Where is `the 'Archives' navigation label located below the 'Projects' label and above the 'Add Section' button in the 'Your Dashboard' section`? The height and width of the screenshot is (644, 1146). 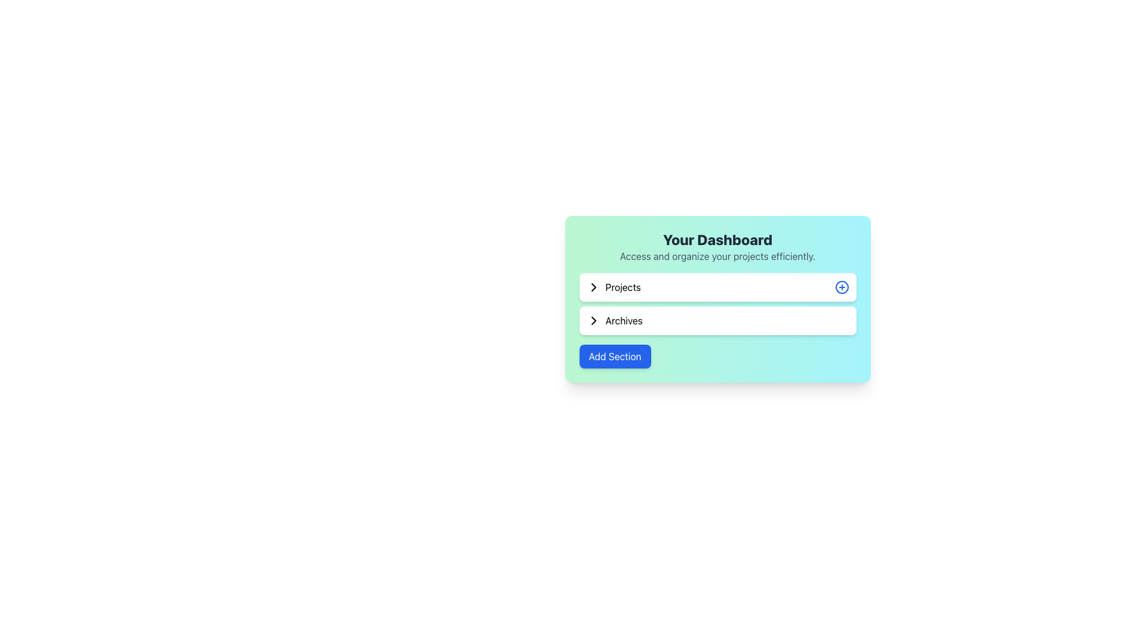
the 'Archives' navigation label located below the 'Projects' label and above the 'Add Section' button in the 'Your Dashboard' section is located at coordinates (614, 320).